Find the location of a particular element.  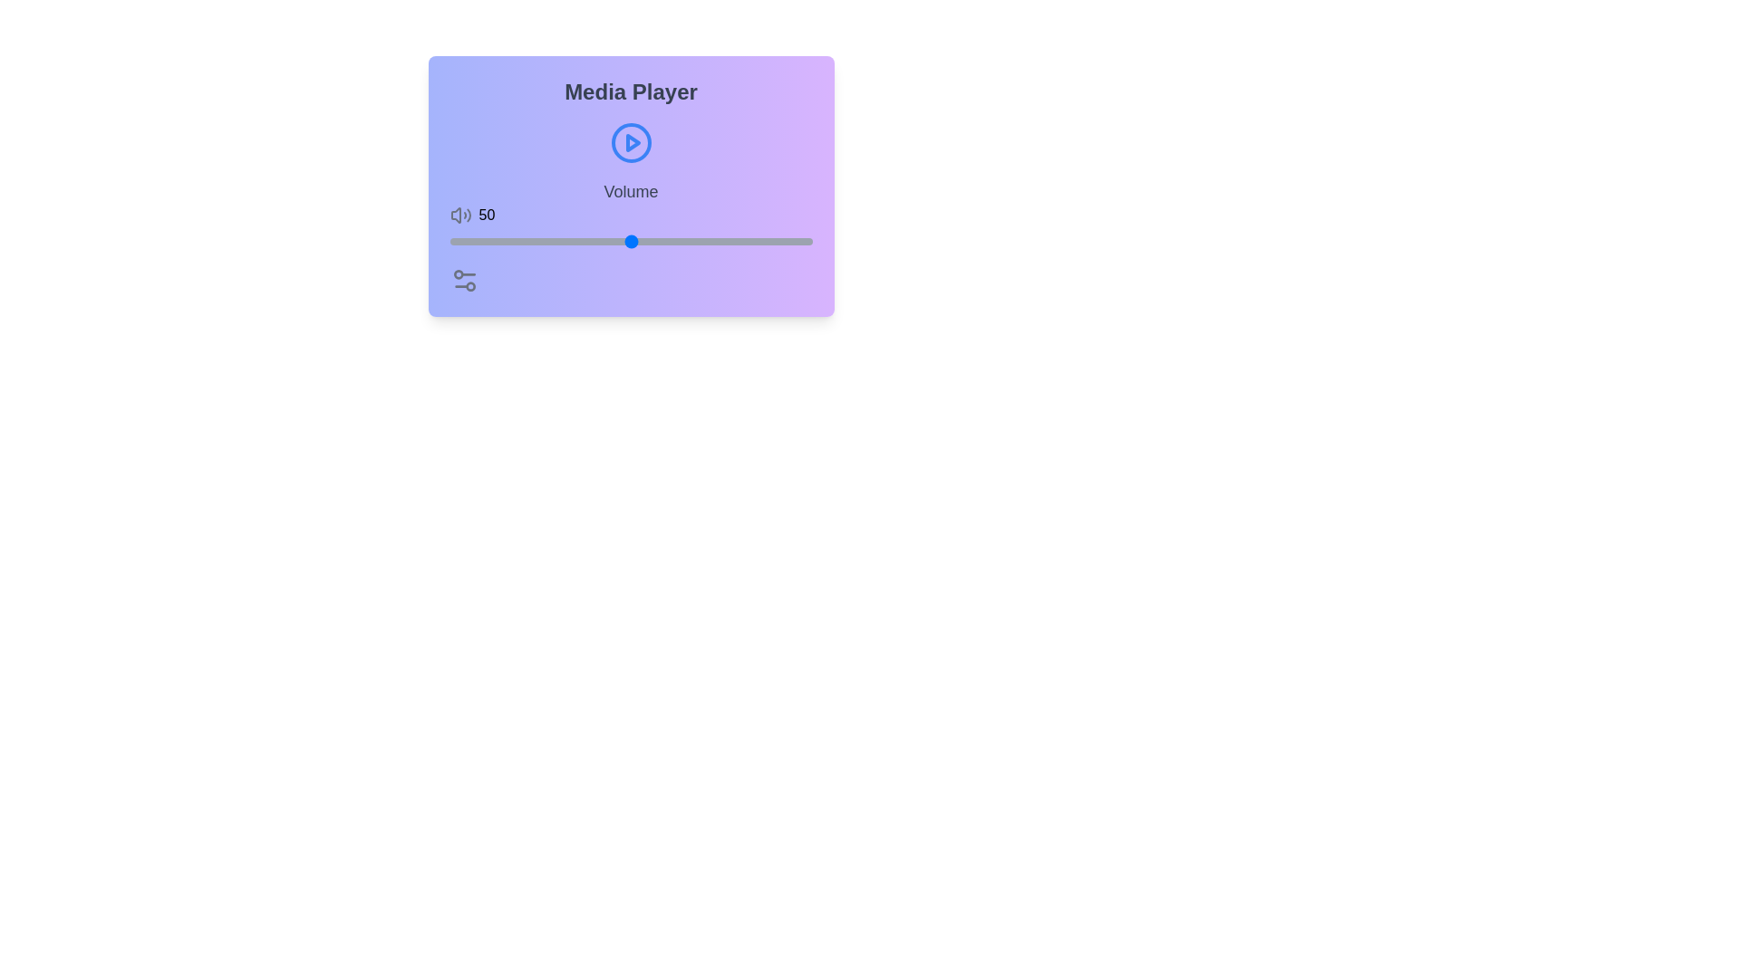

the text label displaying the value '50' in bold black font on a light blue background, located in the 'Volume' section of the media player interface, adjacent to the volume icon is located at coordinates (487, 215).